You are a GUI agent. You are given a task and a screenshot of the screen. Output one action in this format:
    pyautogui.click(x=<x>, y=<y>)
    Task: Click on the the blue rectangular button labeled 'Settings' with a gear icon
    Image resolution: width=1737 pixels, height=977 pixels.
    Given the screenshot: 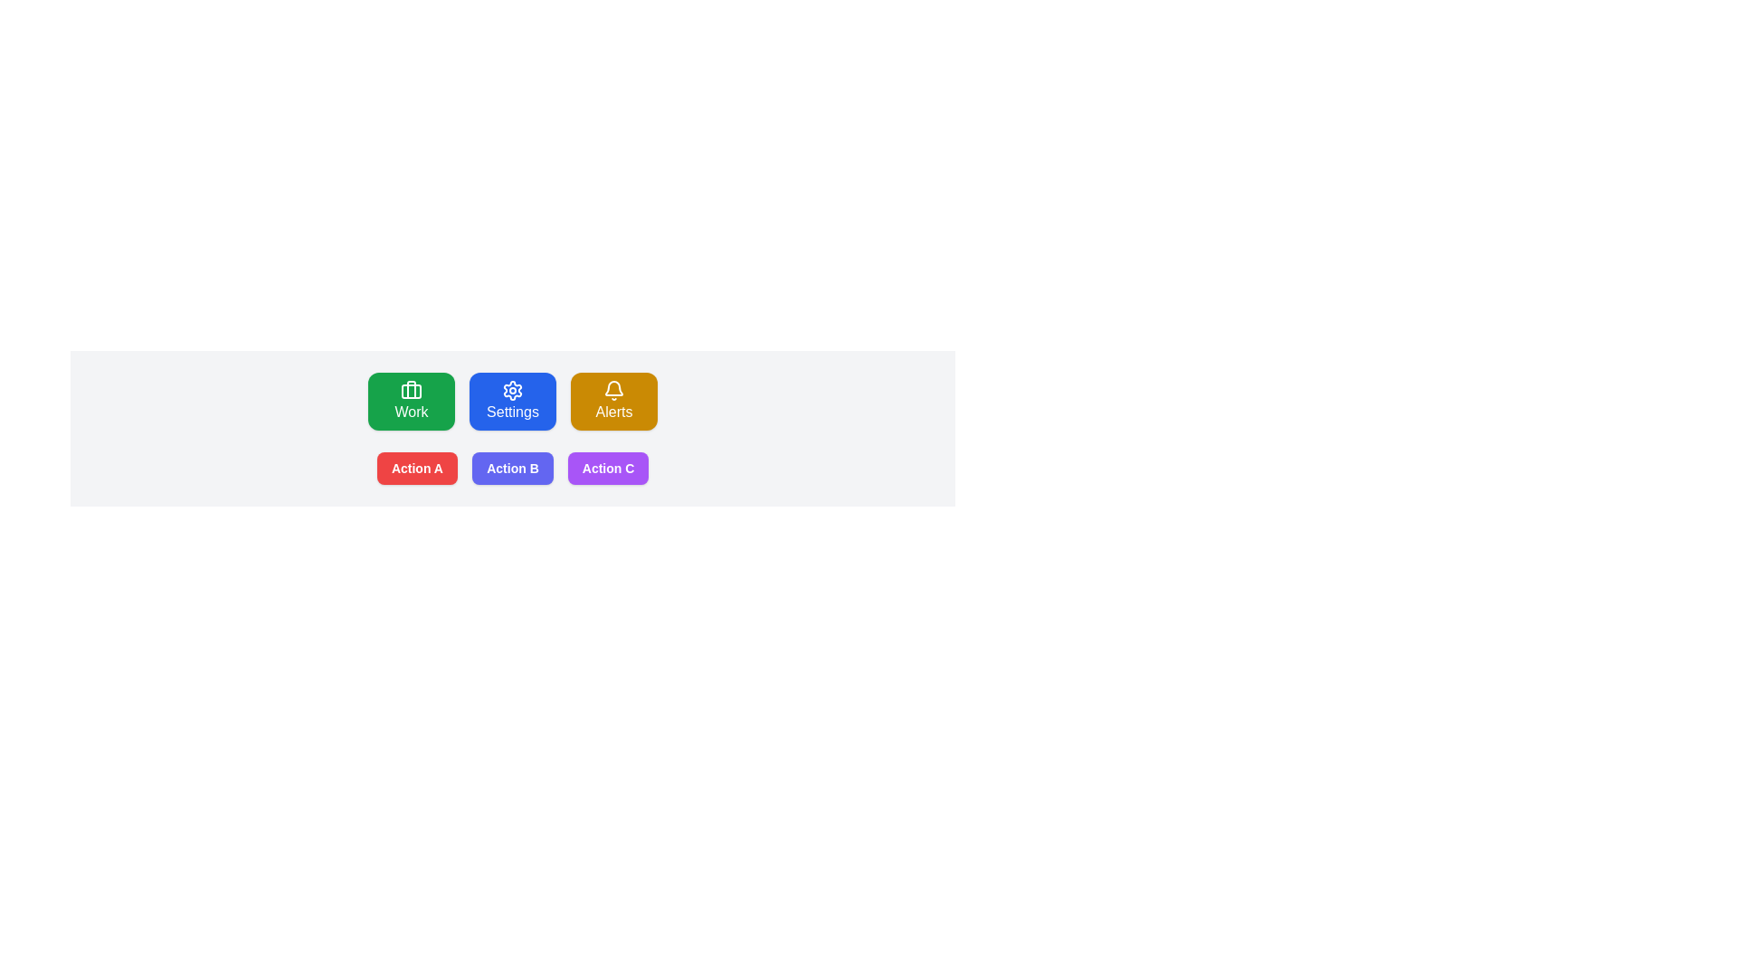 What is the action you would take?
    pyautogui.click(x=511, y=412)
    